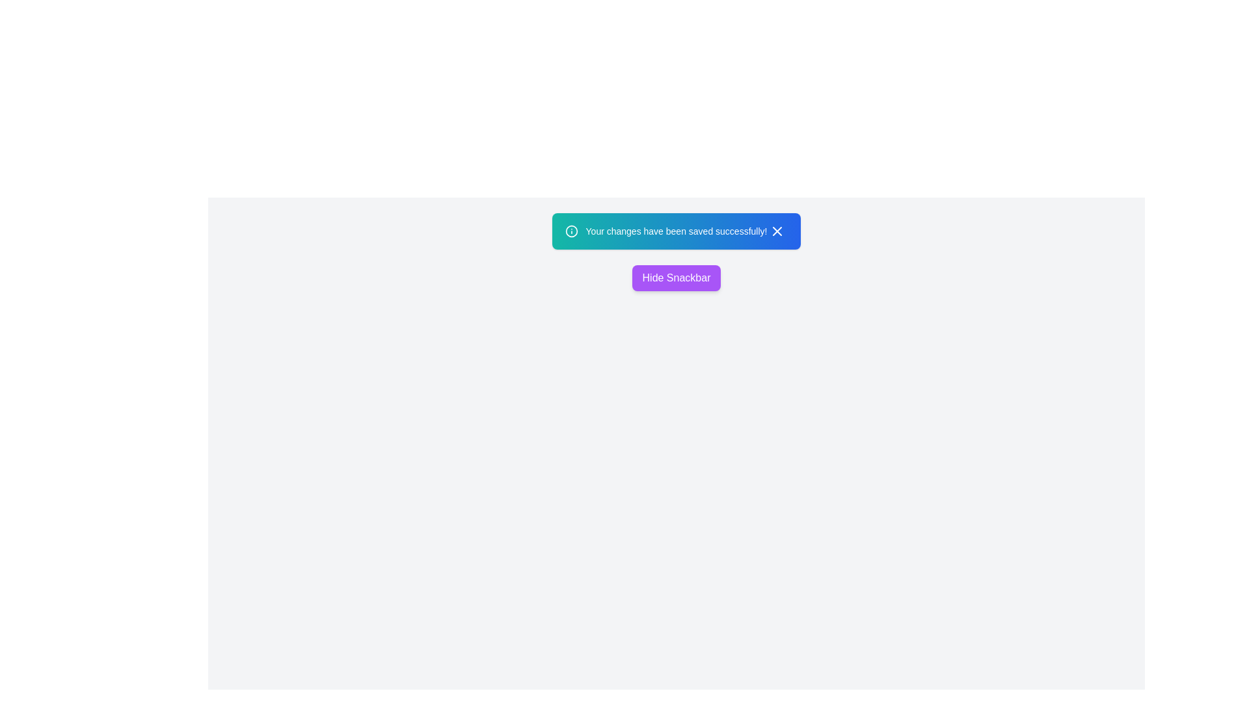  Describe the element at coordinates (677, 278) in the screenshot. I see `the 'Hide Snackbar' button to toggle the snackbar visibility` at that location.